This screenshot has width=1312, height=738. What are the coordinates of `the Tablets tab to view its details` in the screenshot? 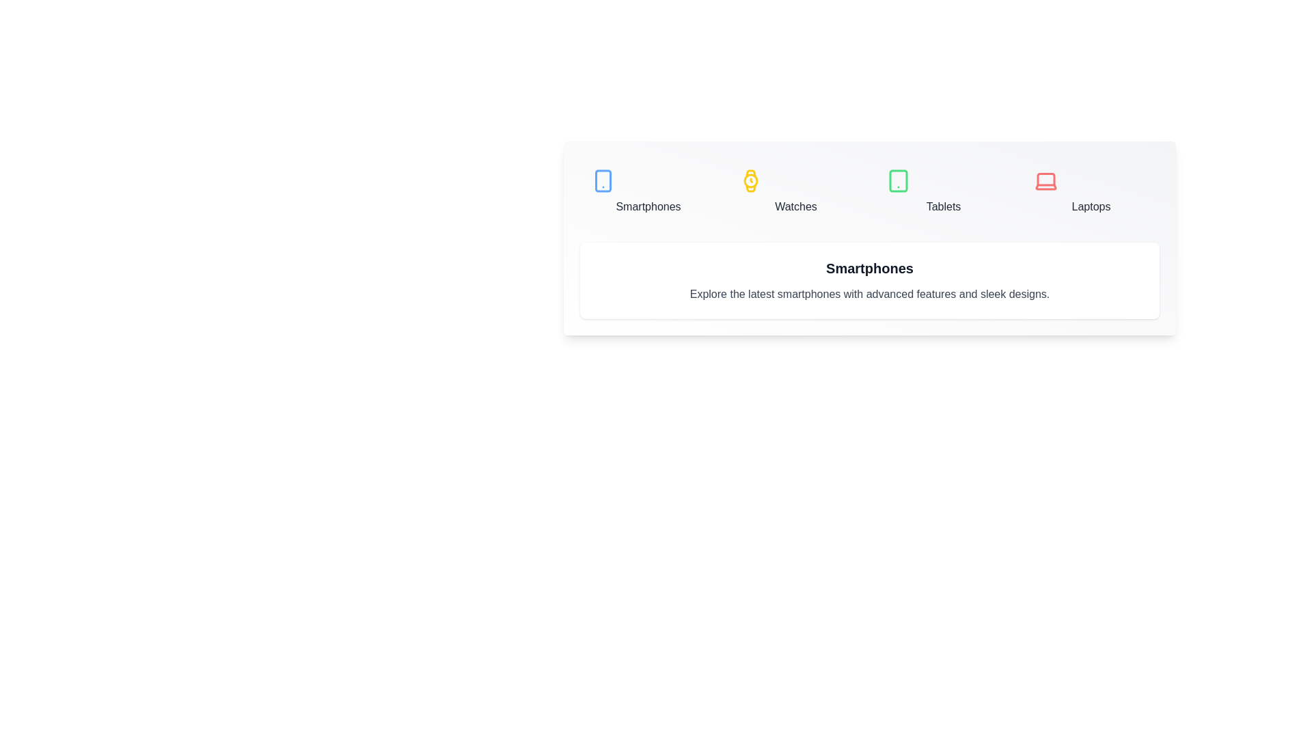 It's located at (943, 192).